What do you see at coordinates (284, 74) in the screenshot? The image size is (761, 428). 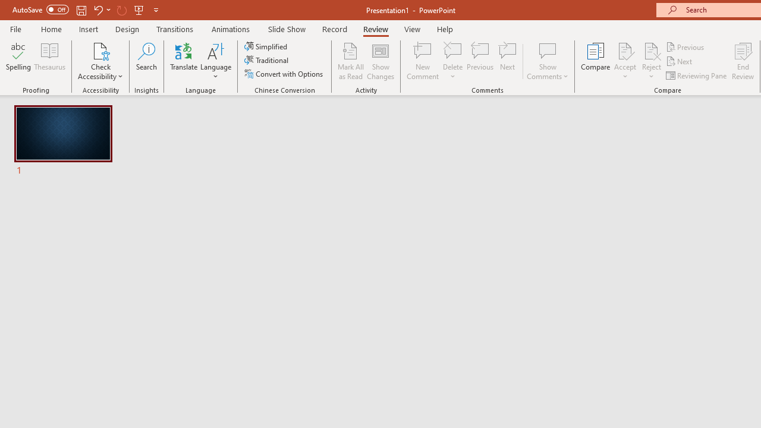 I see `'Convert with Options...'` at bounding box center [284, 74].